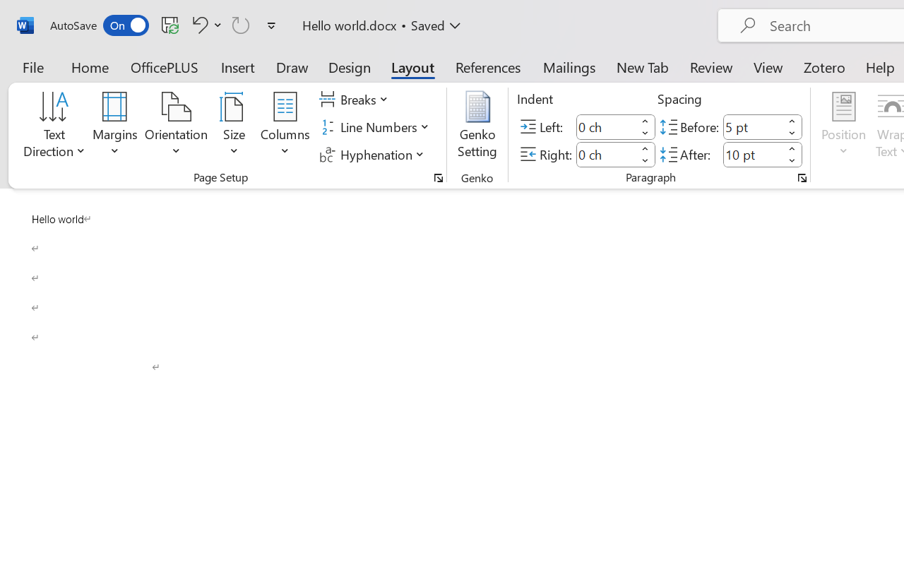  What do you see at coordinates (606, 126) in the screenshot?
I see `'Indent Left'` at bounding box center [606, 126].